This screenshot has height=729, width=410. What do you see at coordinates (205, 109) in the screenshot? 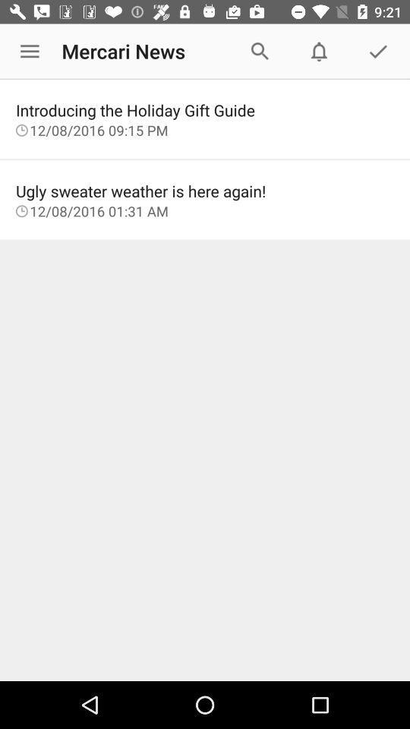
I see `introducing the holiday icon` at bounding box center [205, 109].